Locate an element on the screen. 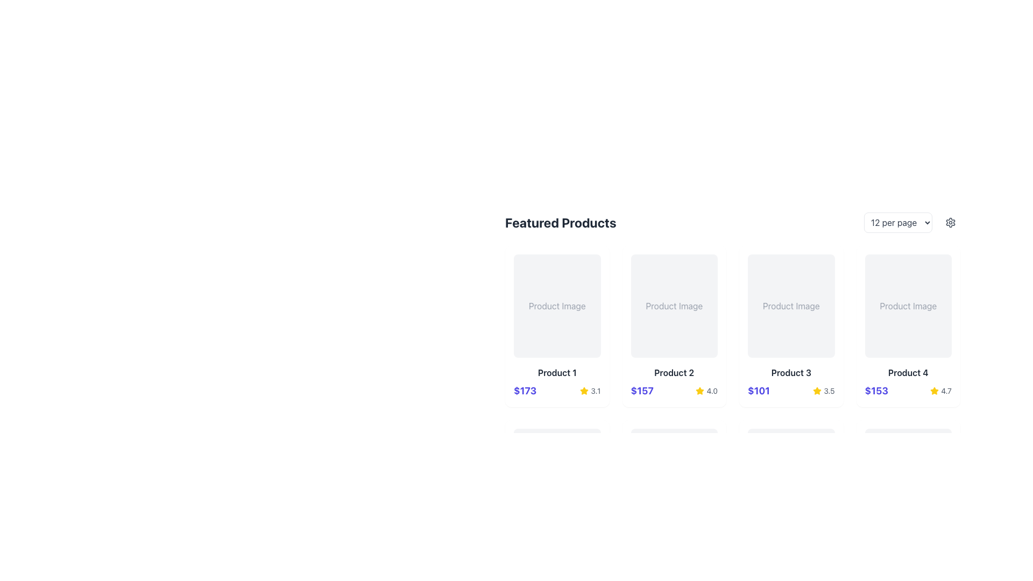 This screenshot has width=1033, height=581. the image placeholder located above the title 'Product 4' and the price '$153' in the rightmost card of the product list is located at coordinates (908, 306).